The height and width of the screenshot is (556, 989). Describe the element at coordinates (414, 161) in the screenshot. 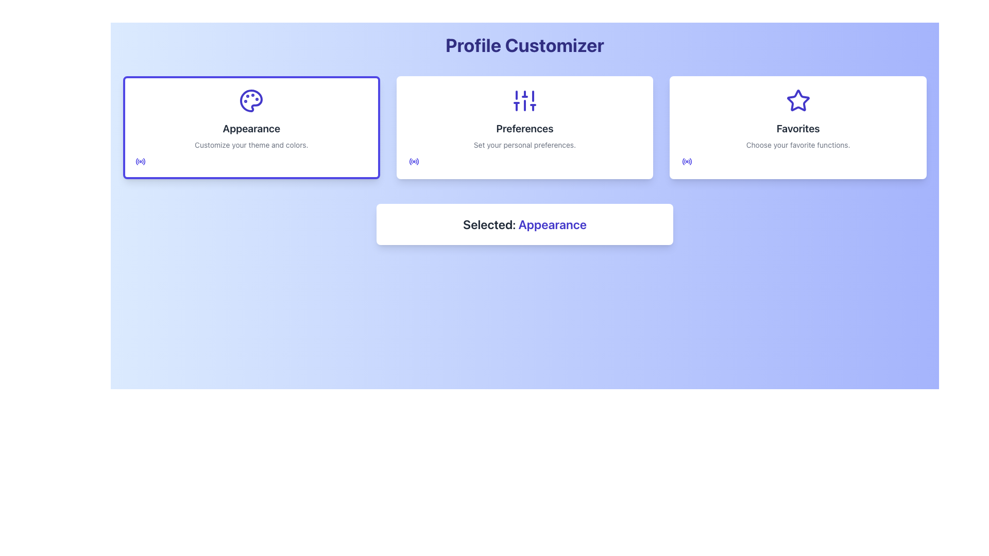

I see `the radio button located under the 'Preferences' section, centered horizontally within the card's layout` at that location.